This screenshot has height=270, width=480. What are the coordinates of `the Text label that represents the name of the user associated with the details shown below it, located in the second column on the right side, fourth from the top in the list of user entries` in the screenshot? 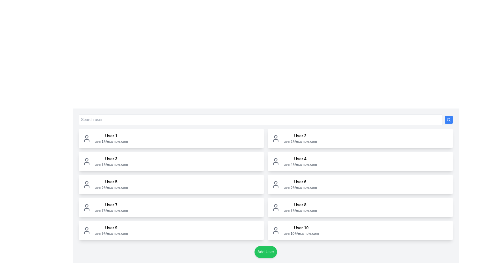 It's located at (300, 159).